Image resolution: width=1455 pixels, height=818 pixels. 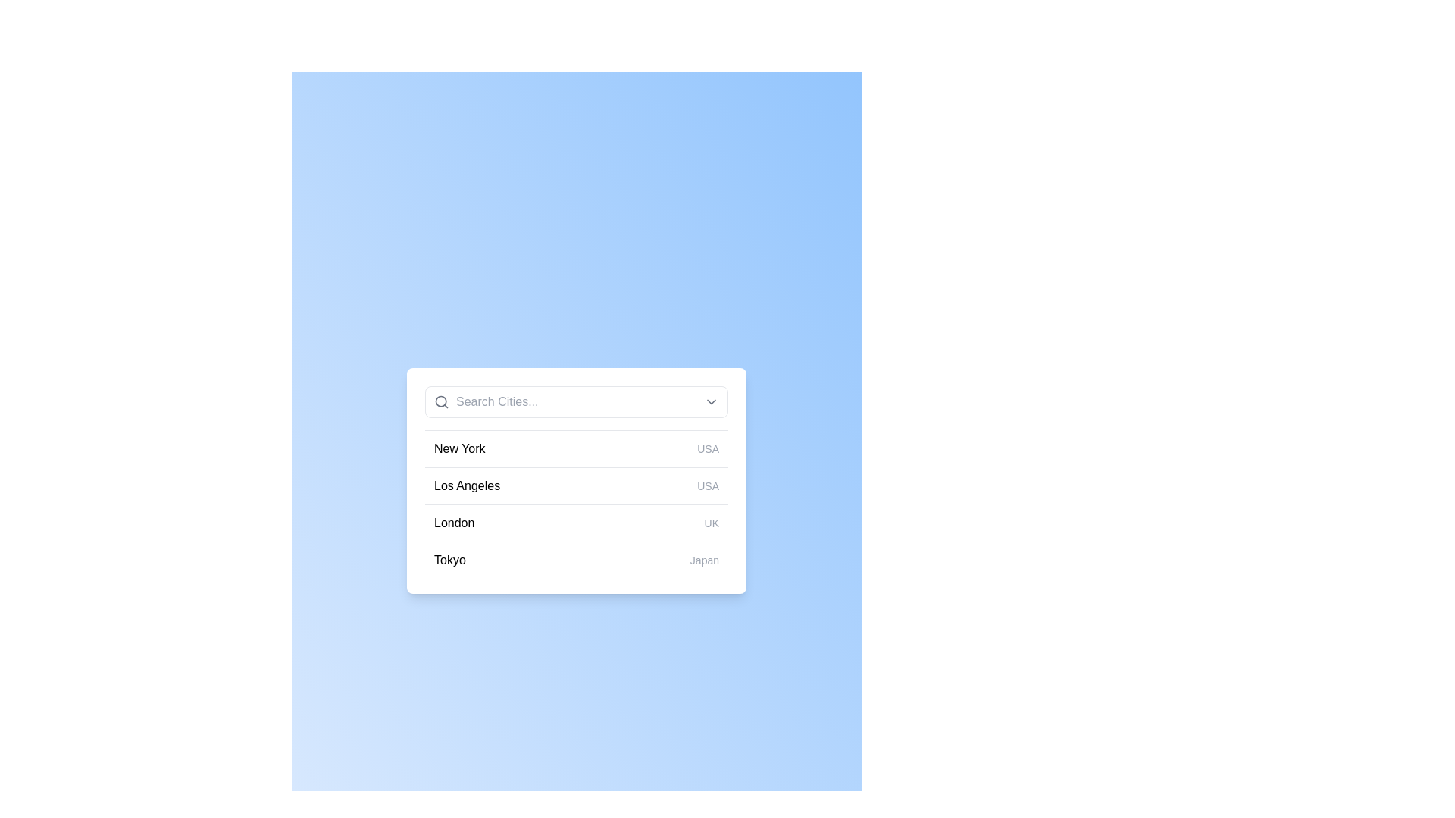 I want to click on the fourth row list item representing 'Tokyo, Japan', located between 'London, UK' and 'Sydney, Australia', so click(x=576, y=560).